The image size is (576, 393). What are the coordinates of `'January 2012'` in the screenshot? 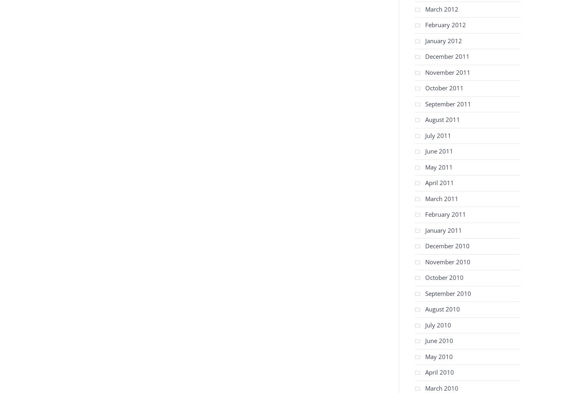 It's located at (425, 40).